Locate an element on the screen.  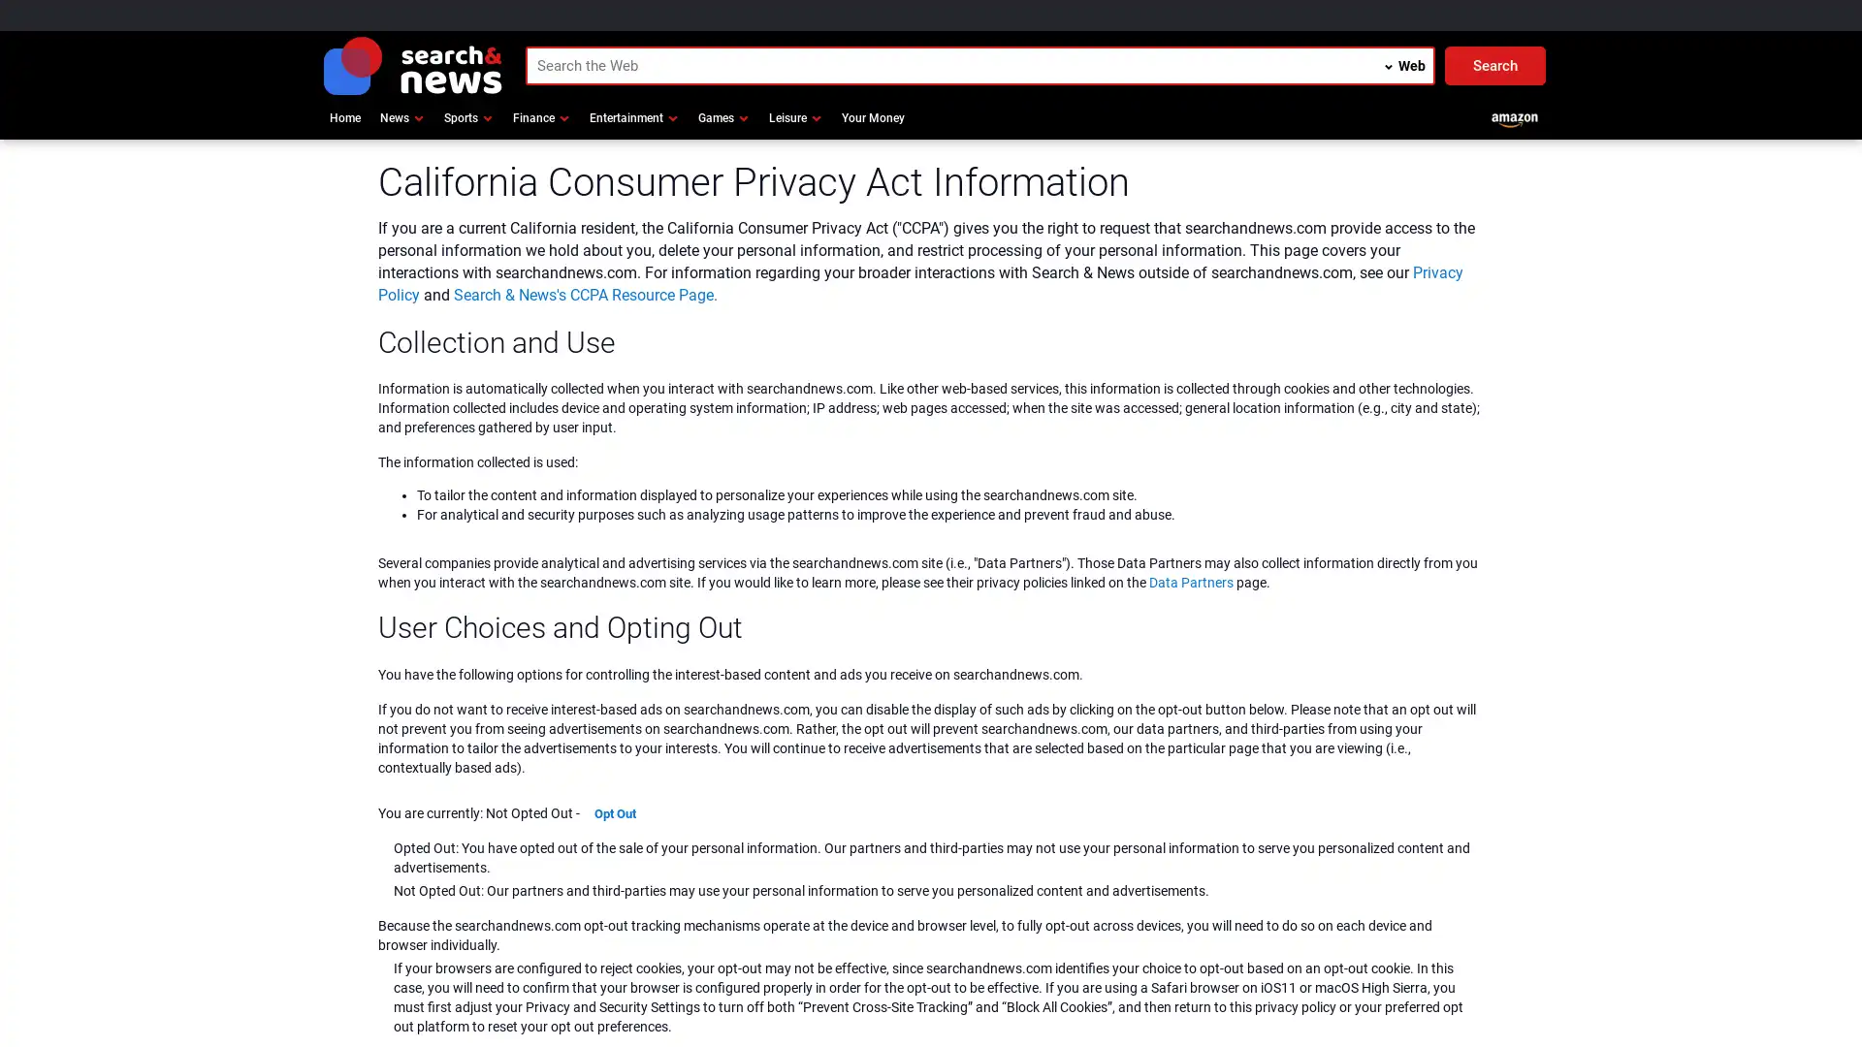
Search is located at coordinates (1493, 65).